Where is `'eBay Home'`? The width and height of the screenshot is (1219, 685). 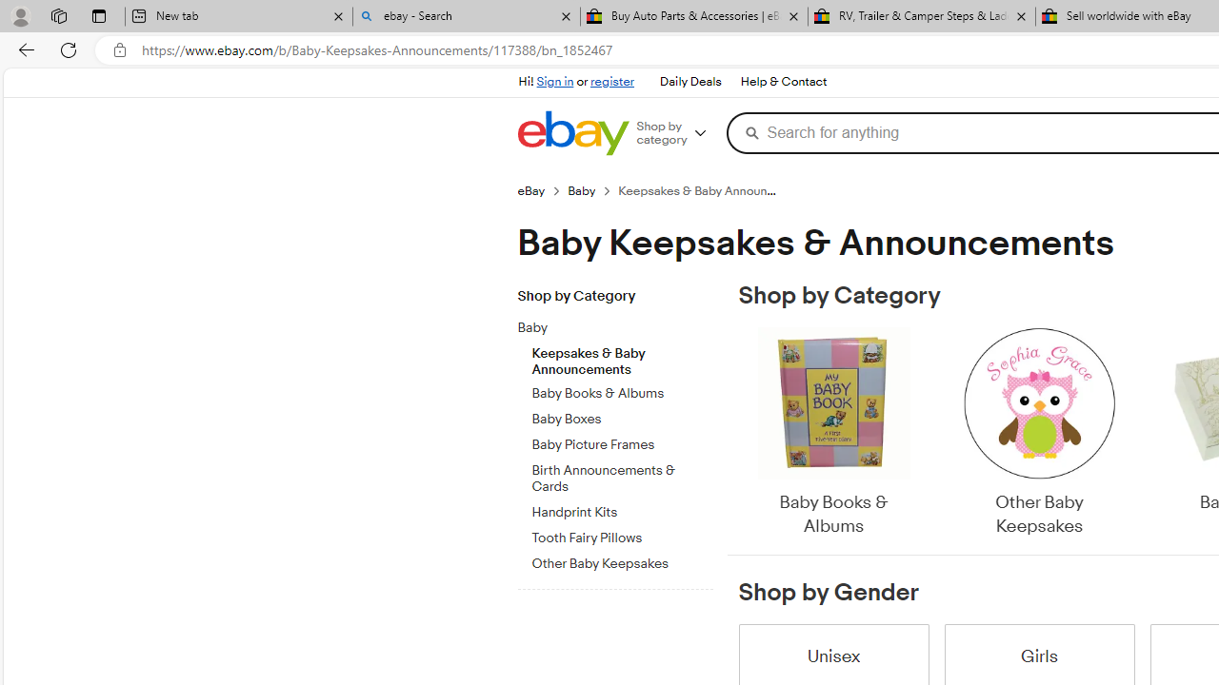 'eBay Home' is located at coordinates (571, 132).